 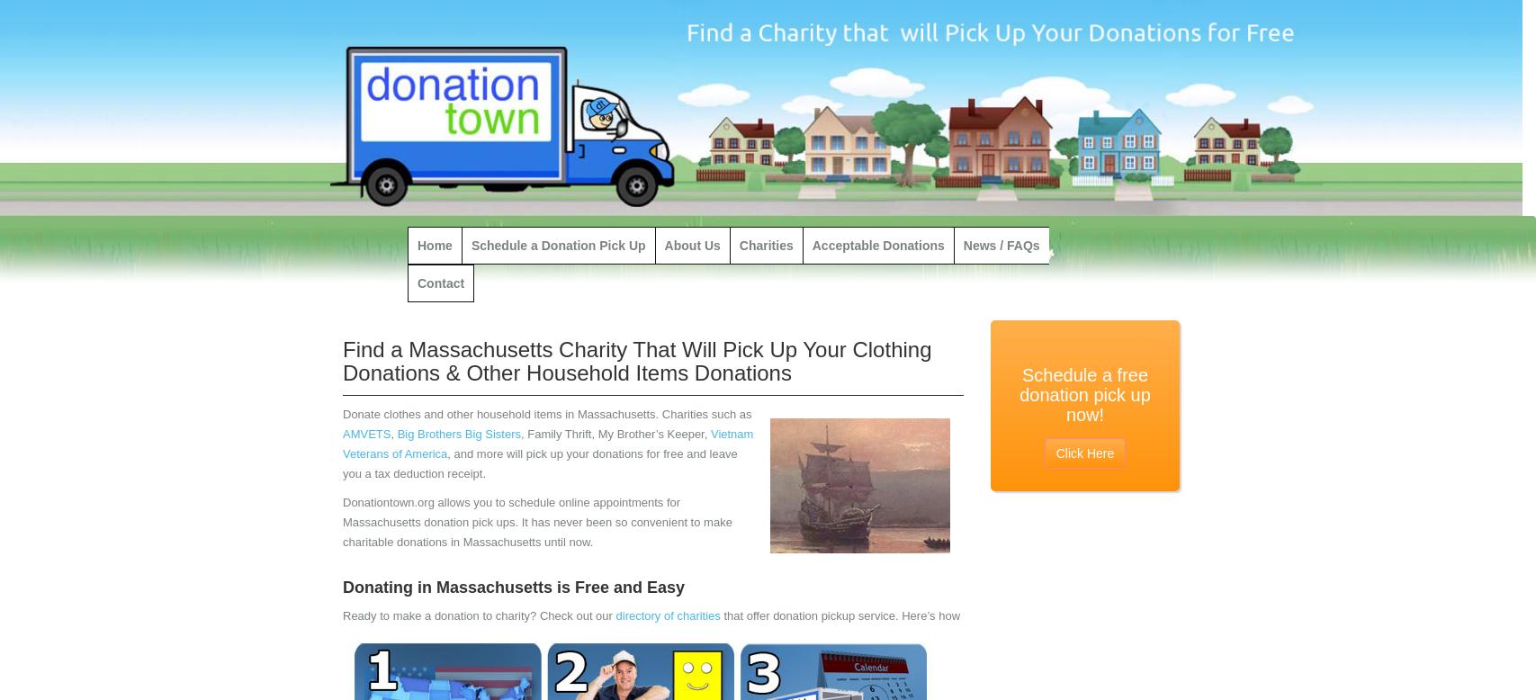 I want to click on 'About Us', so click(x=663, y=246).